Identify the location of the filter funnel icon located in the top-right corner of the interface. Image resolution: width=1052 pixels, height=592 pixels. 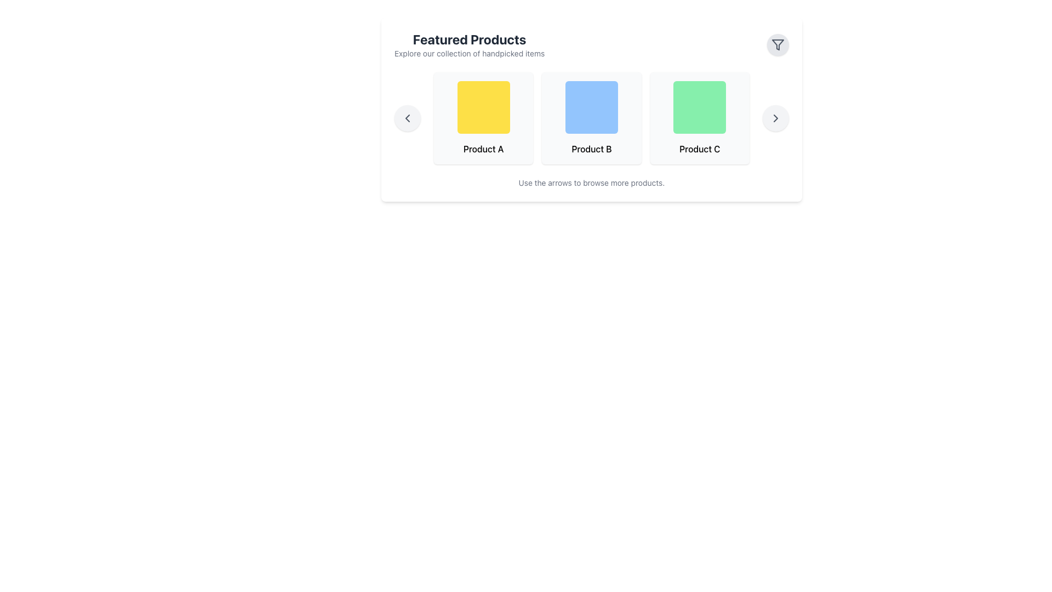
(777, 44).